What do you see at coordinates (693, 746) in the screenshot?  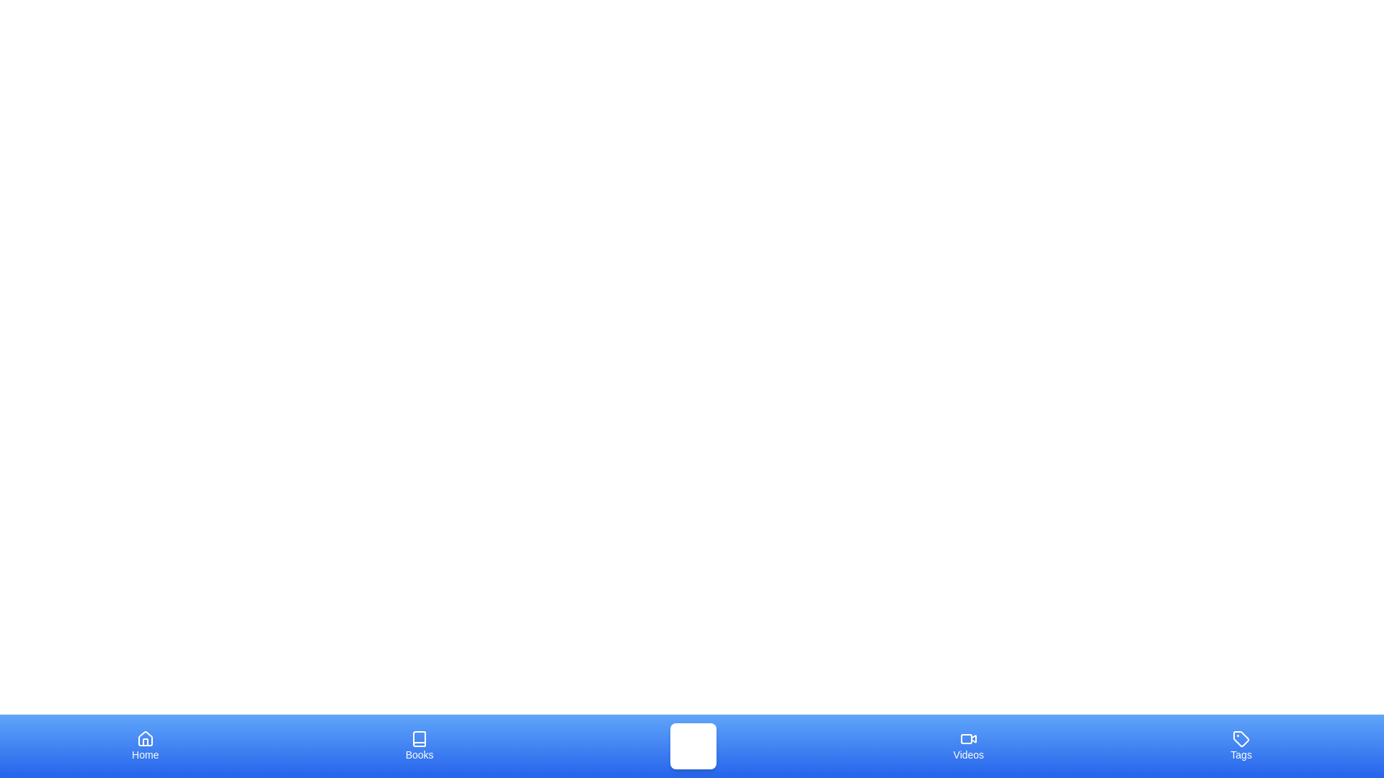 I see `the tab labeled Music` at bounding box center [693, 746].